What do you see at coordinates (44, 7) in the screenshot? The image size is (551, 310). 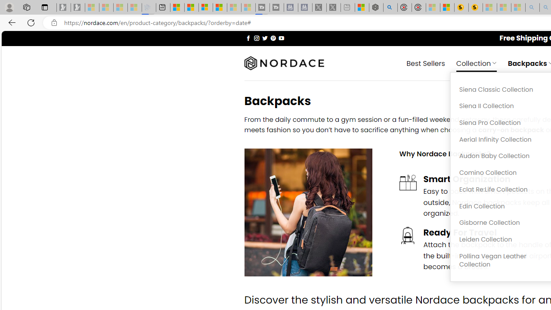 I see `'Tab actions menu'` at bounding box center [44, 7].